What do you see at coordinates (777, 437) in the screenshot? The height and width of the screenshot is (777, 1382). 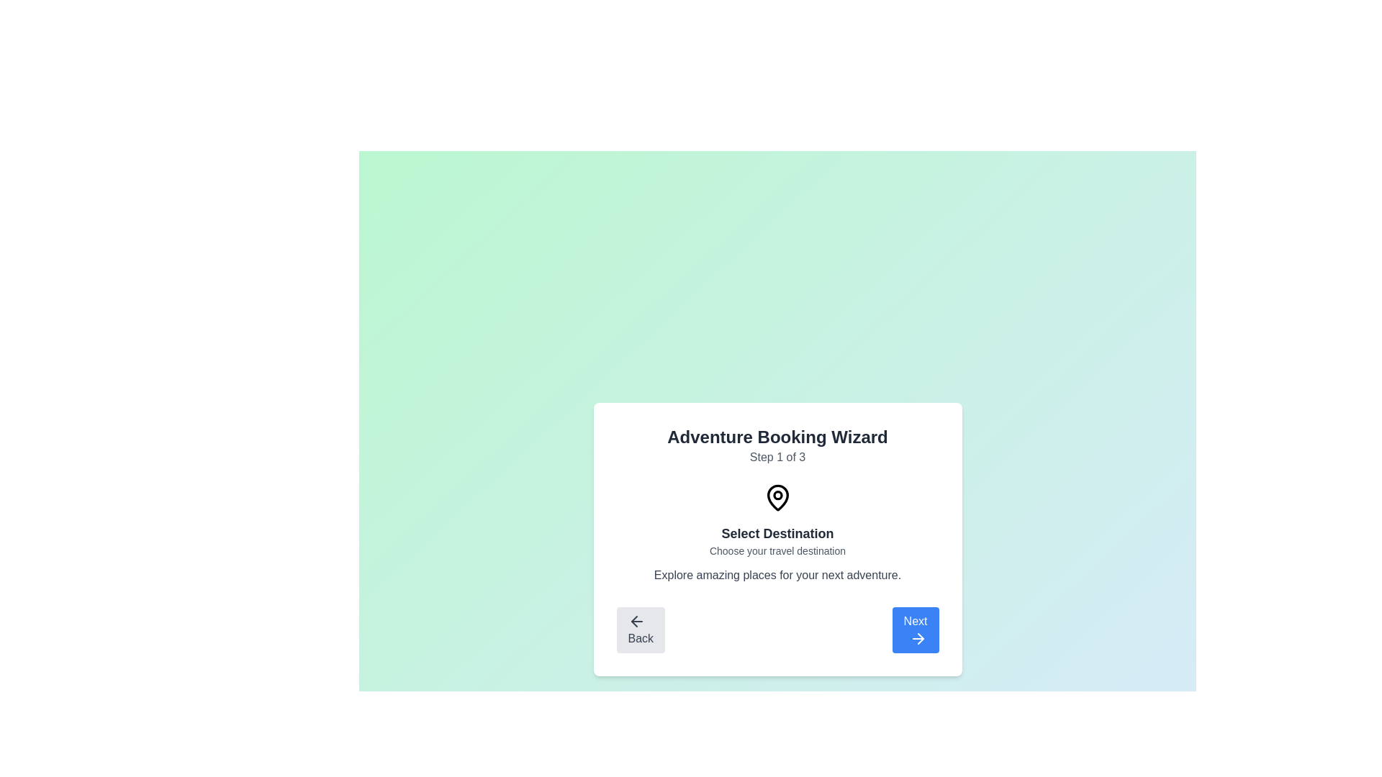 I see `the text label that reads 'Adventure Booking Wizard', which is prominently displayed at the top-center of the card` at bounding box center [777, 437].